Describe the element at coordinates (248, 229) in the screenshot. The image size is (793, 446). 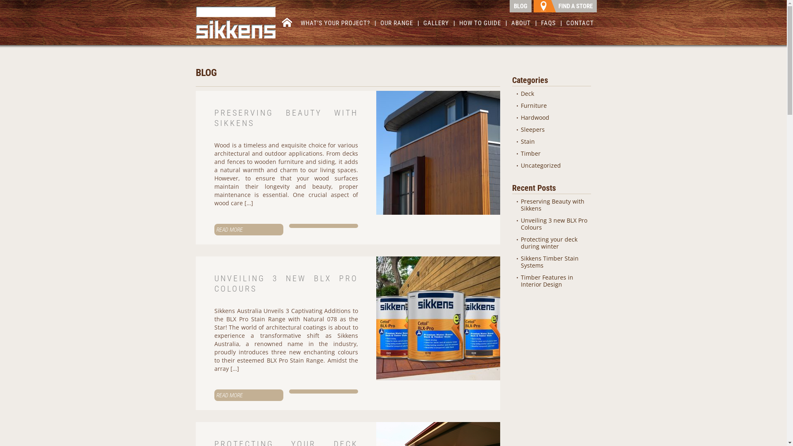
I see `'READ MORE'` at that location.